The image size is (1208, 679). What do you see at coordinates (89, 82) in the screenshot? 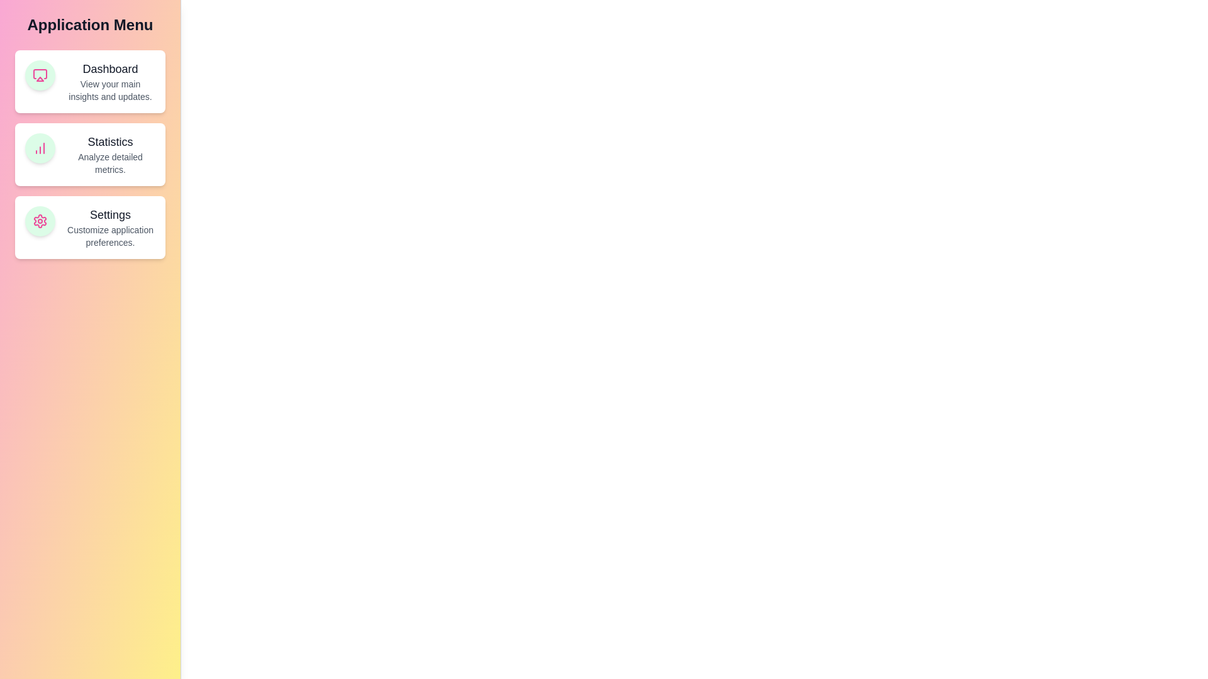
I see `the feature card titled Dashboard` at bounding box center [89, 82].